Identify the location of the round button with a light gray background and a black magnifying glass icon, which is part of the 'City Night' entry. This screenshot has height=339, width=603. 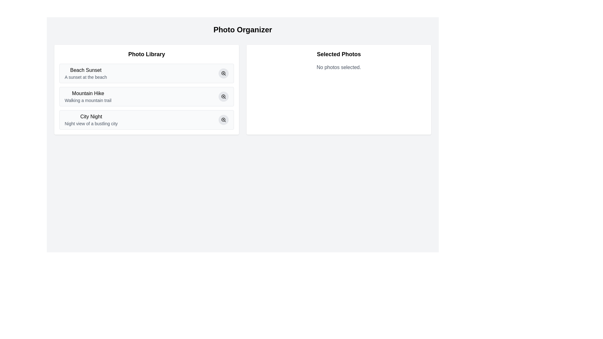
(223, 120).